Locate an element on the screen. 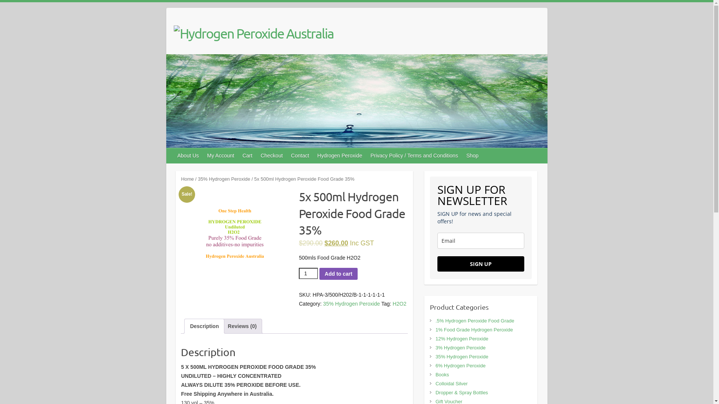 This screenshot has width=719, height=404. '1% Food Grade Hydrogen Peroxide' is located at coordinates (474, 329).